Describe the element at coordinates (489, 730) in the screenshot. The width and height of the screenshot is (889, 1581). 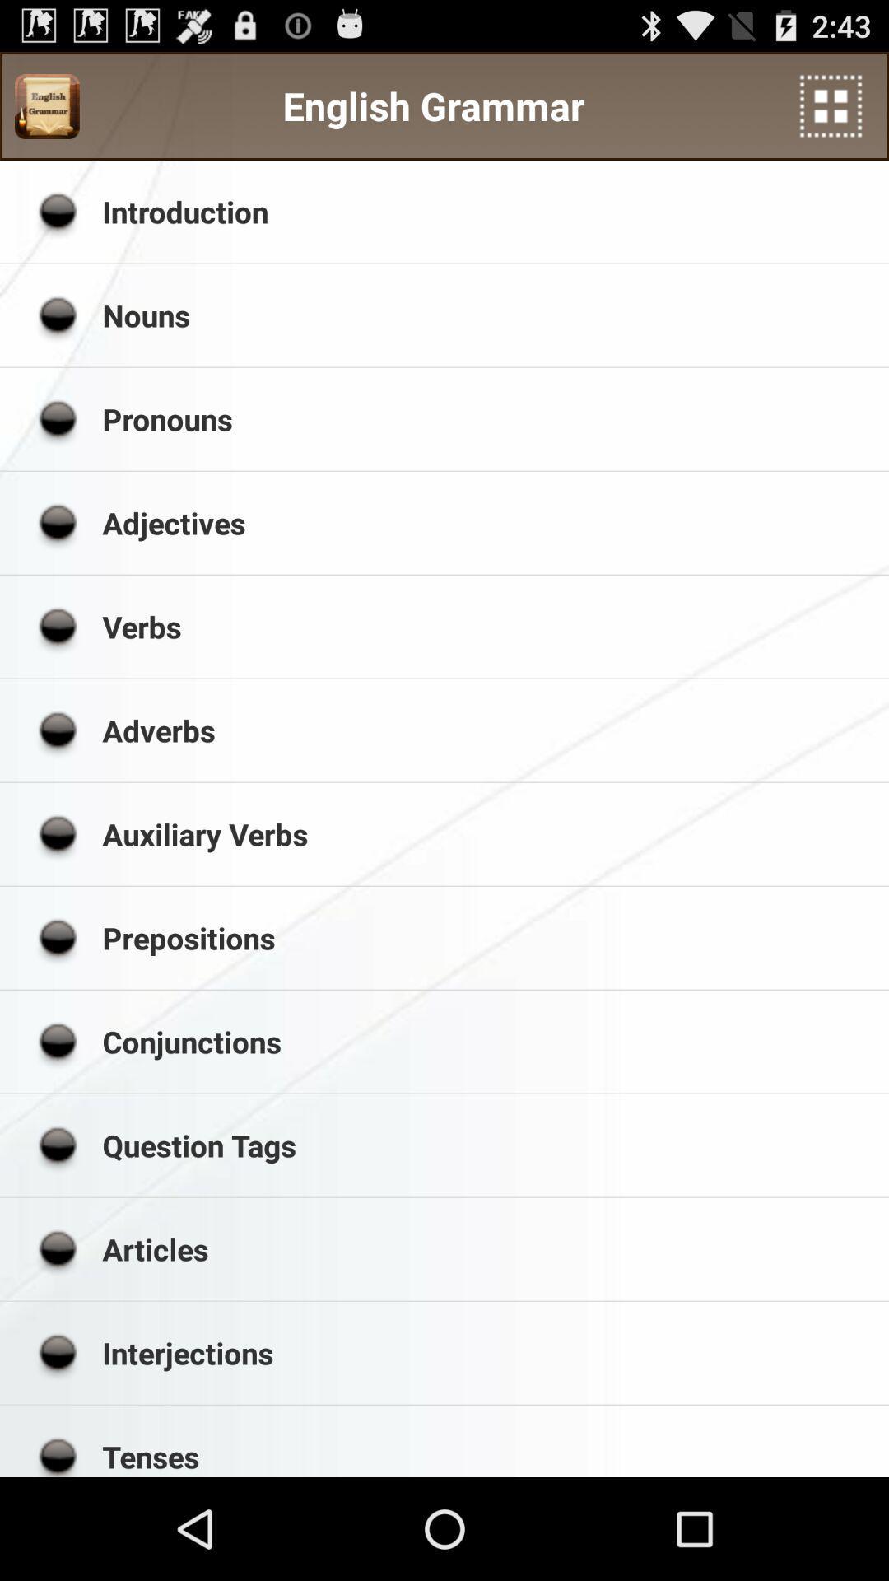
I see `the item below the verbs` at that location.